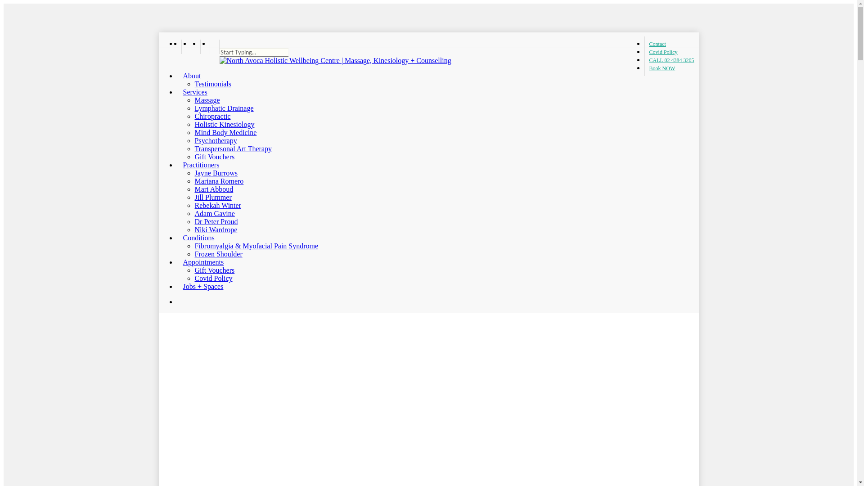 The height and width of the screenshot is (486, 864). I want to click on 'Rebekah Winter', so click(217, 205).